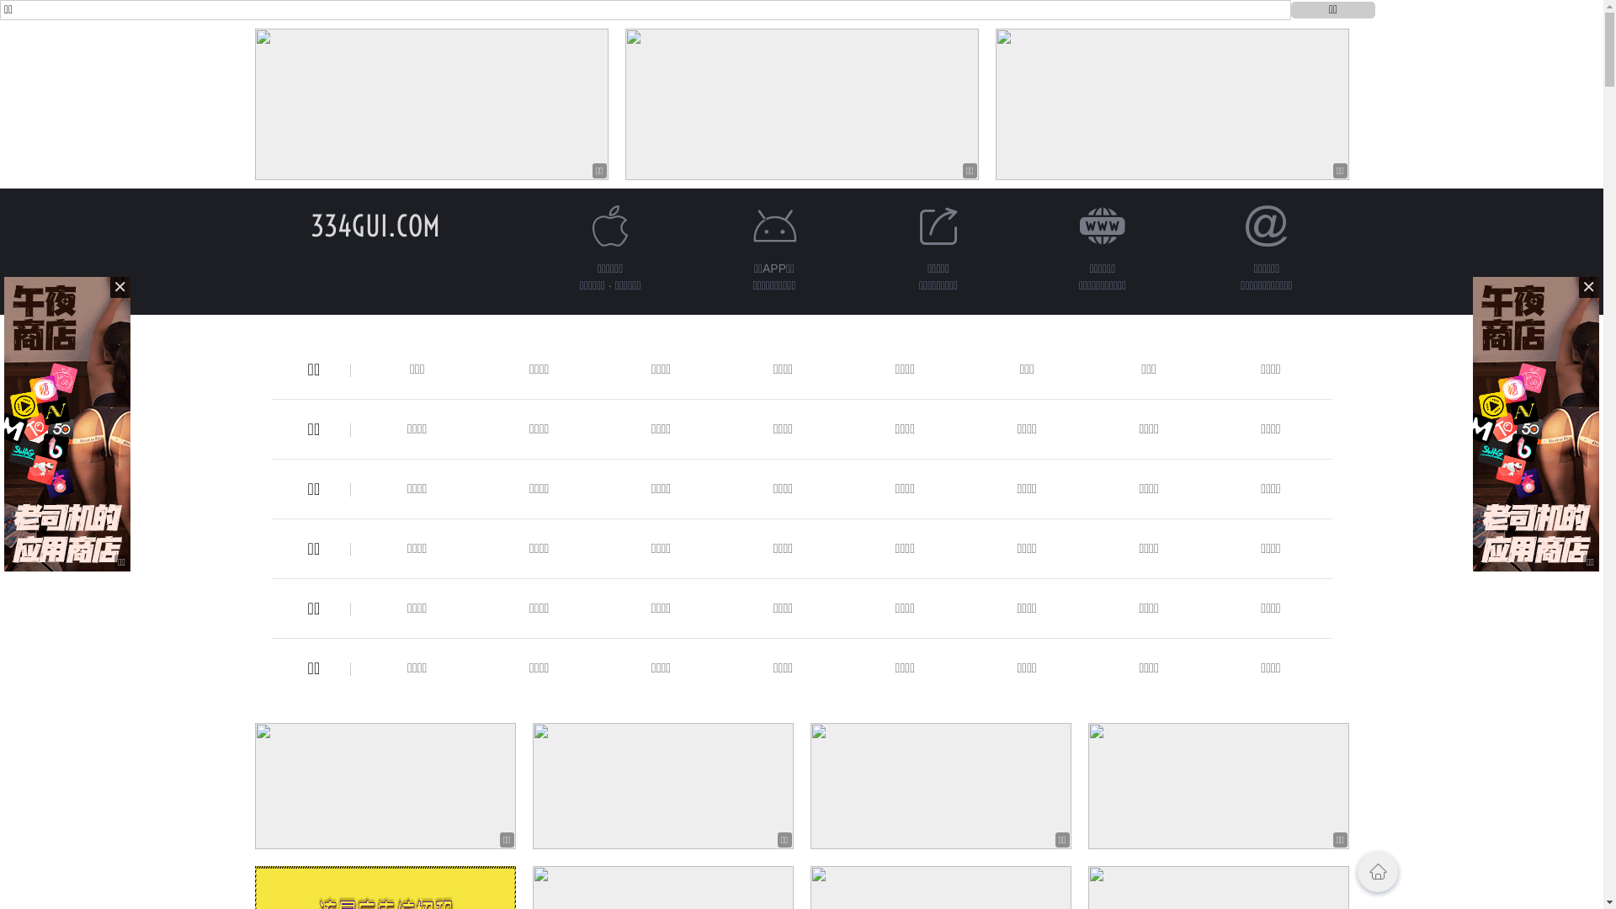 The height and width of the screenshot is (909, 1616). Describe the element at coordinates (310, 225) in the screenshot. I see `'334GUI.COM'` at that location.